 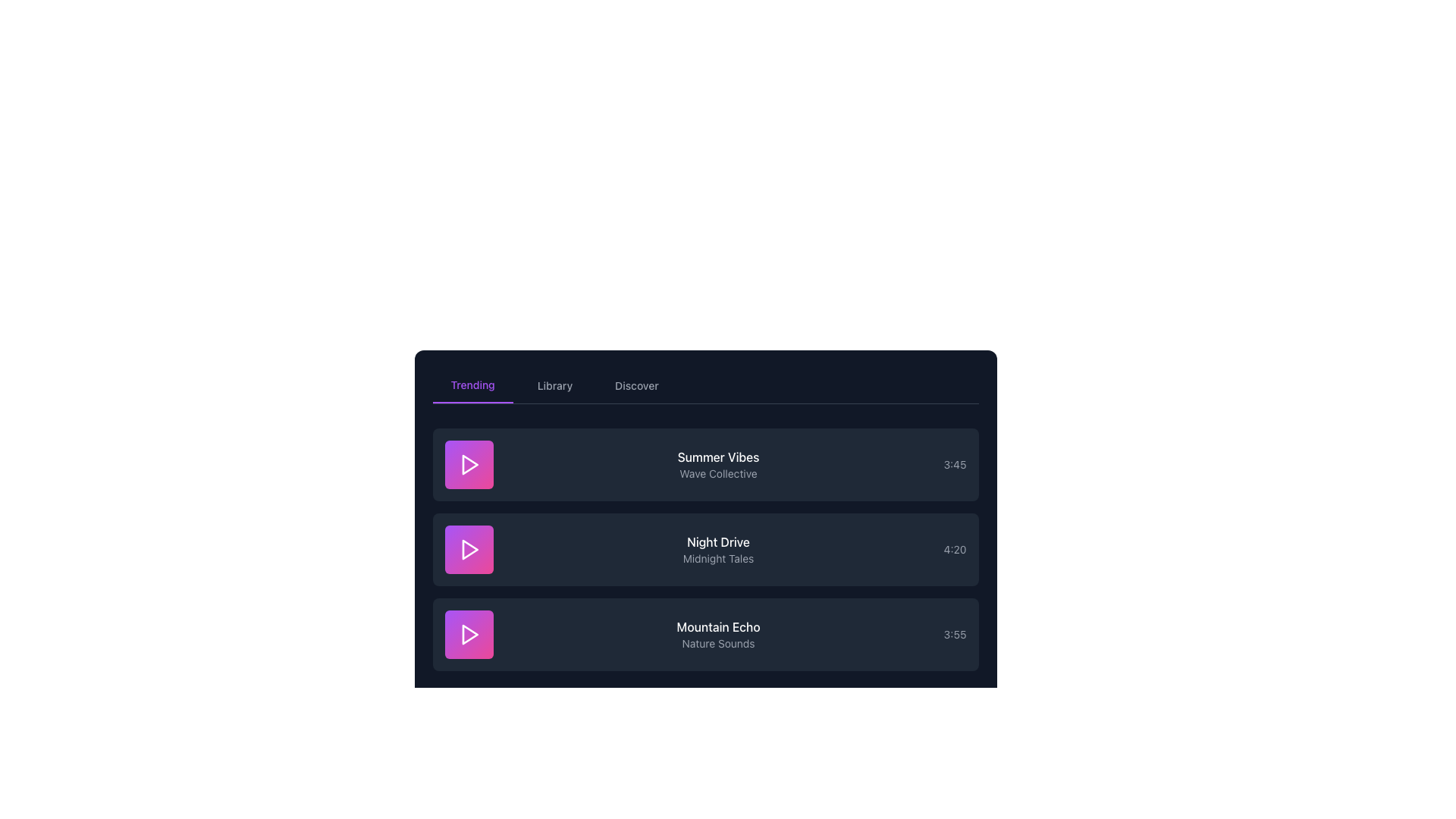 What do you see at coordinates (637, 385) in the screenshot?
I see `the 'Discover' navigation tab, which is the third tab in a horizontal navigation bar` at bounding box center [637, 385].